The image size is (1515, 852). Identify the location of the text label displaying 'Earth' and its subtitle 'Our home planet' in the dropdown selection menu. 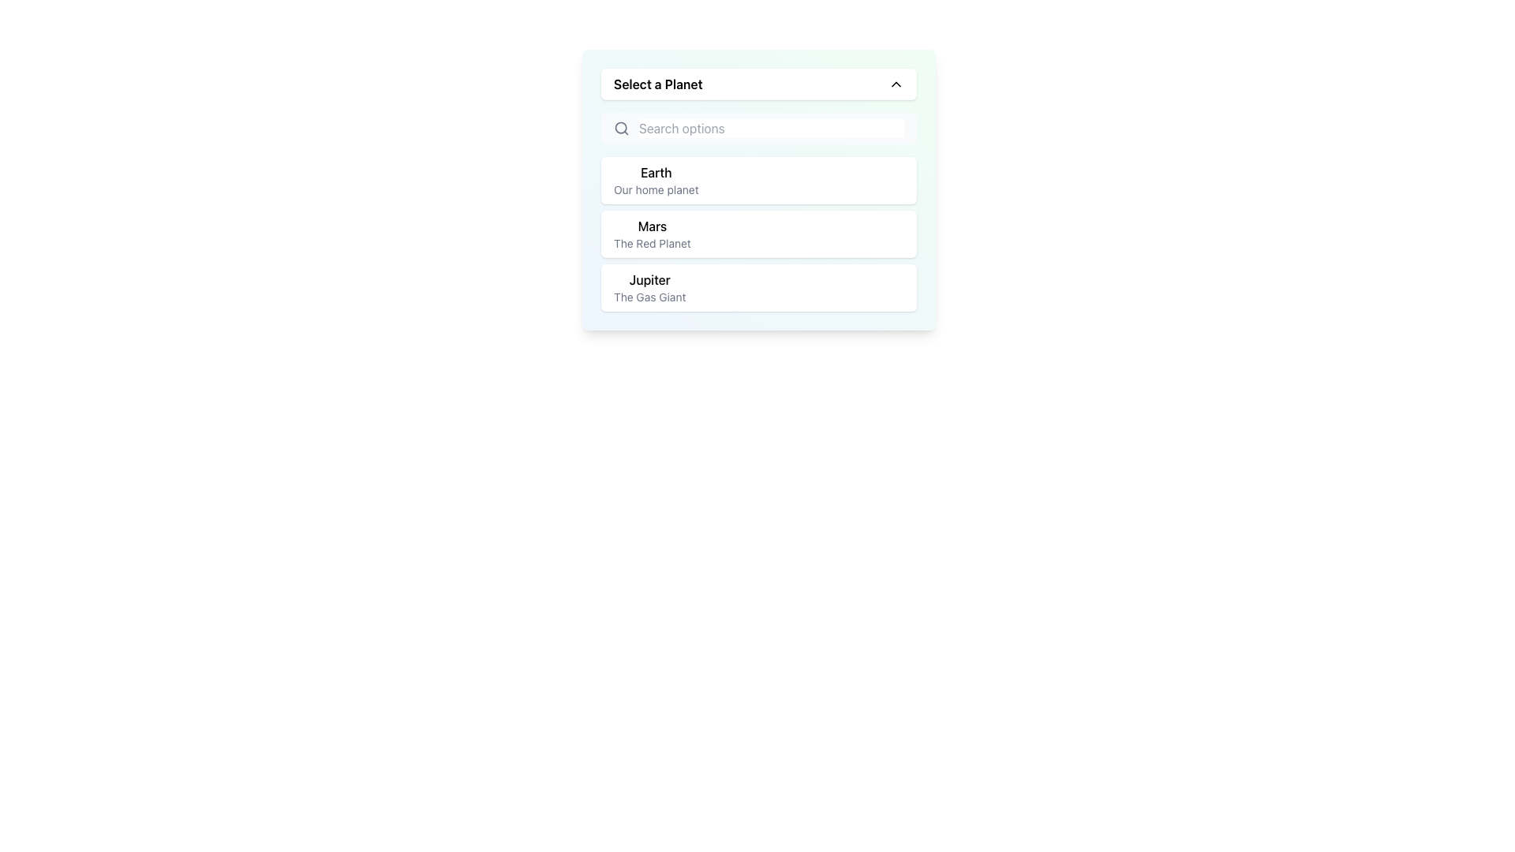
(656, 179).